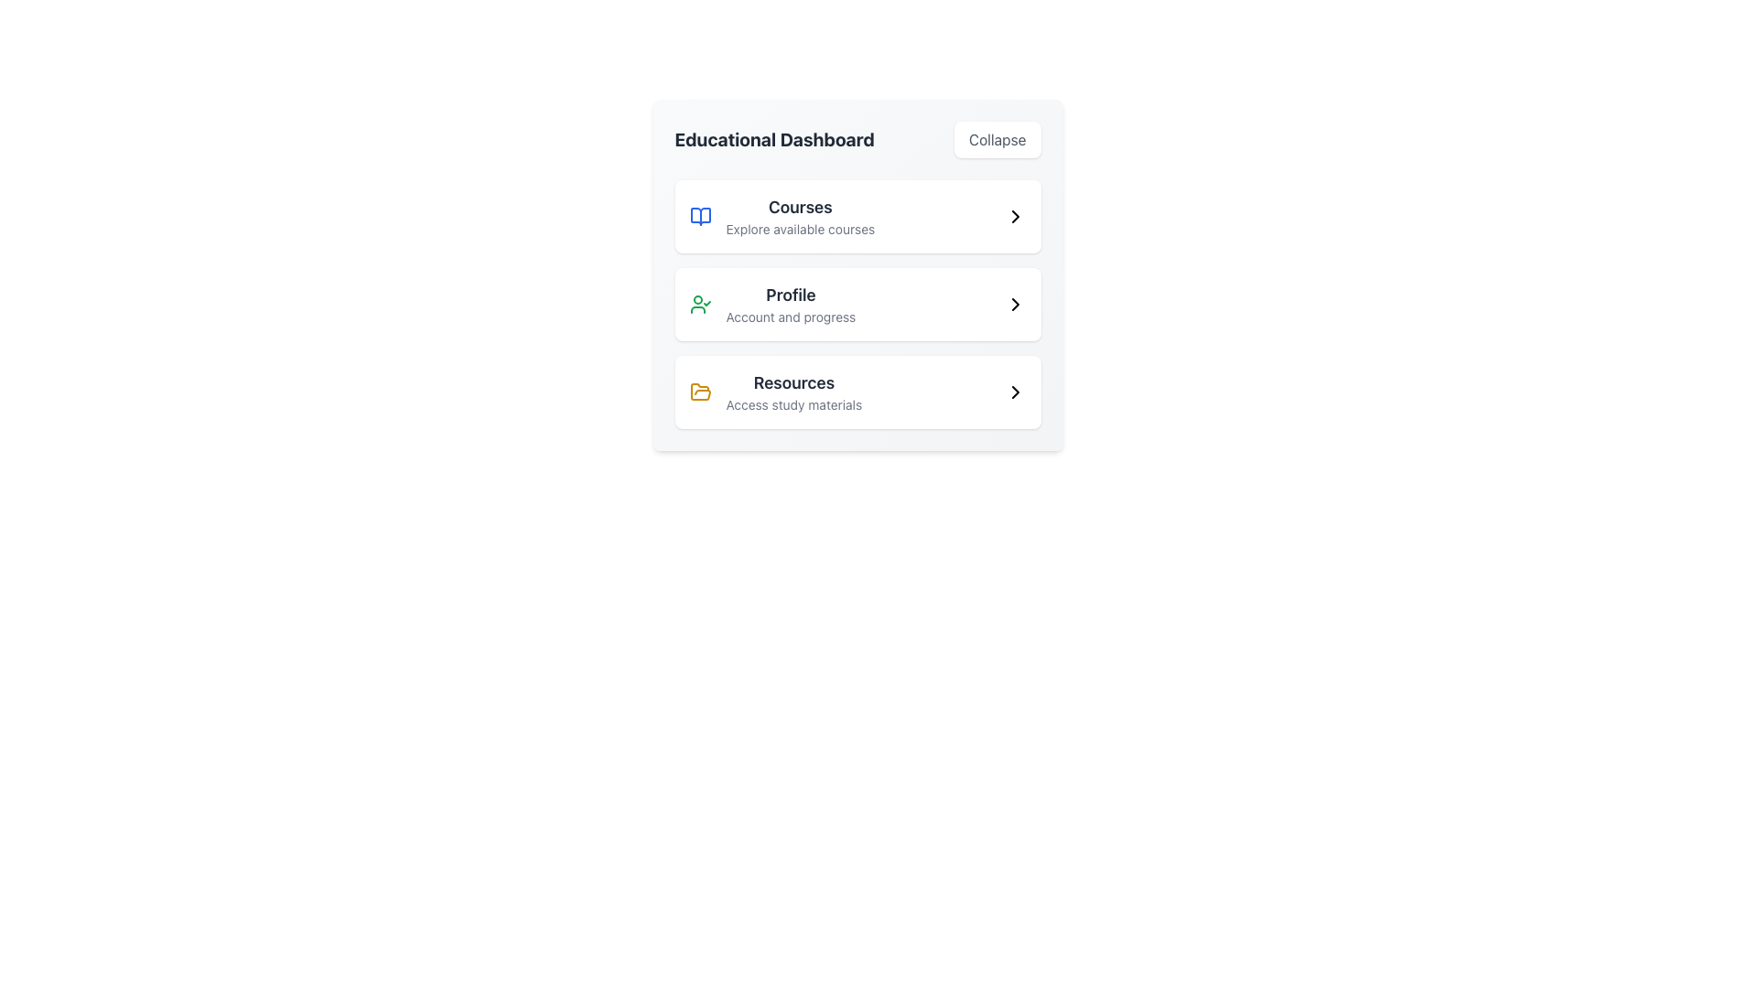 This screenshot has height=988, width=1757. Describe the element at coordinates (775, 391) in the screenshot. I see `the 'Resources' list item, which features a yellow folder icon and two lines of text` at that location.